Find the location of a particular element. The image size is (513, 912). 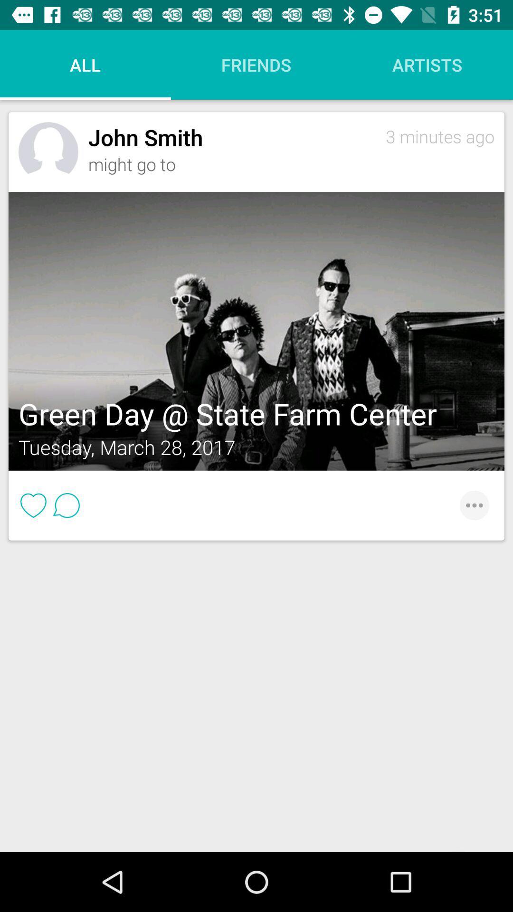

icon beside the john smith is located at coordinates (48, 152).